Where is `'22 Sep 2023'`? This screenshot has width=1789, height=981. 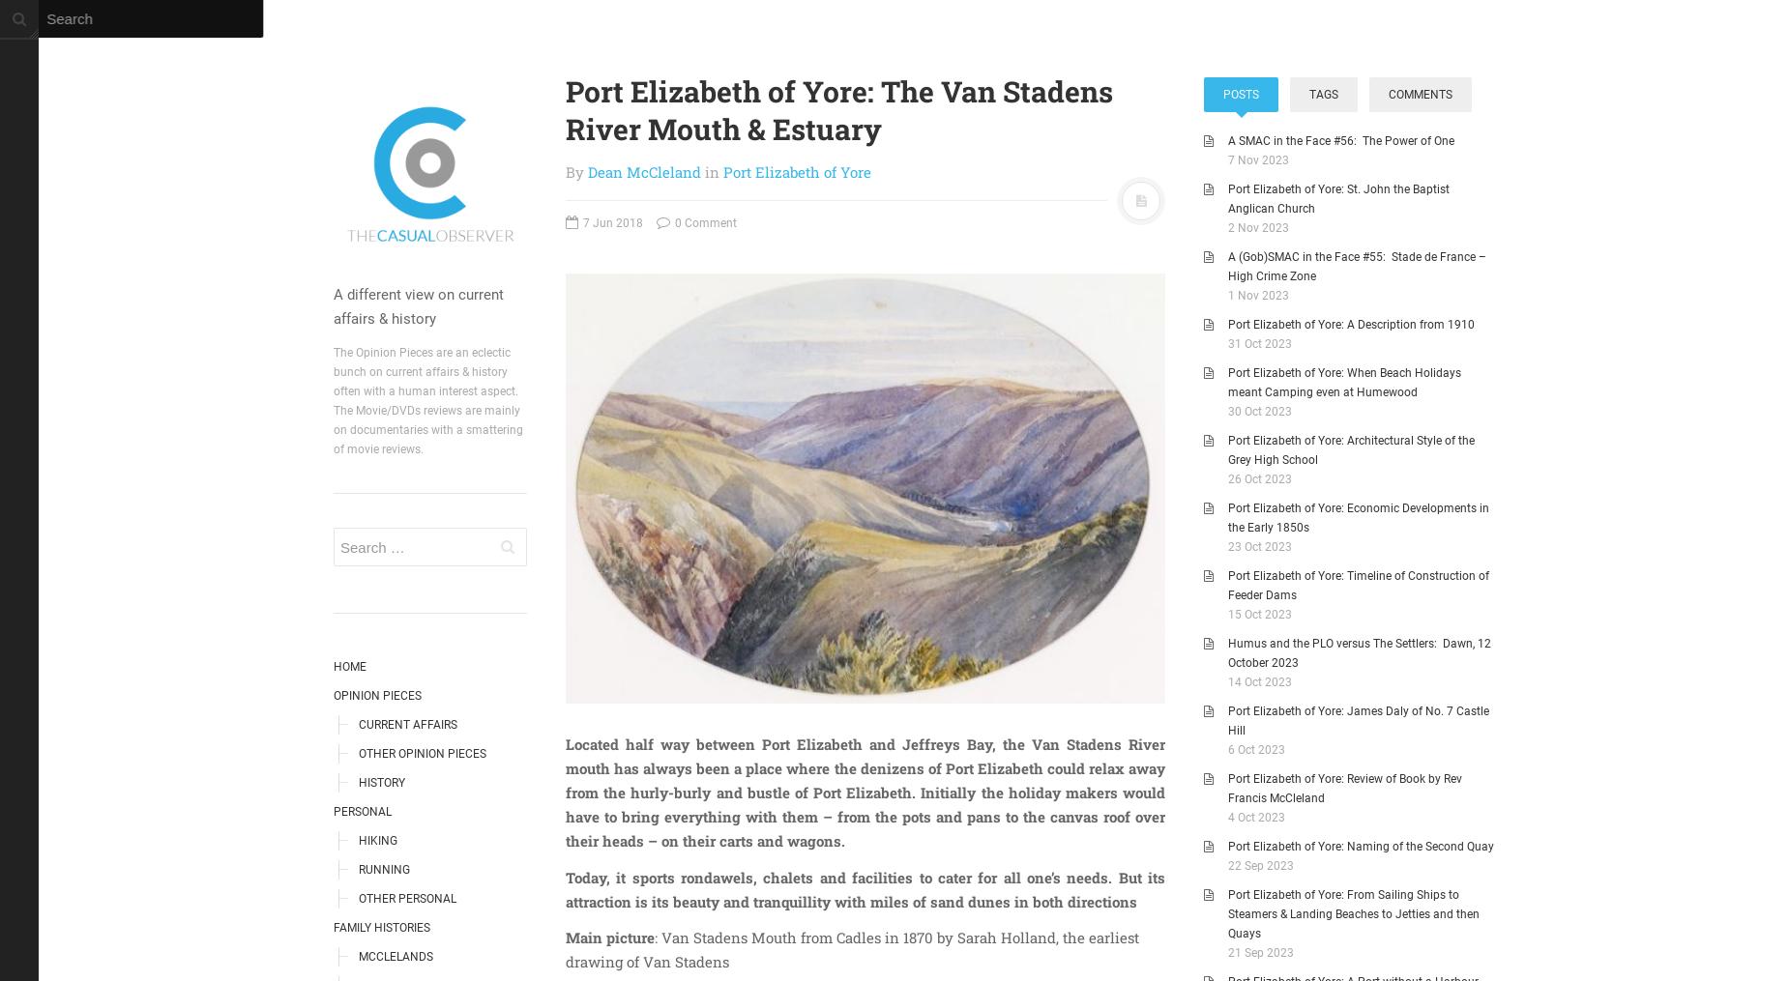
'22 Sep 2023' is located at coordinates (1260, 865).